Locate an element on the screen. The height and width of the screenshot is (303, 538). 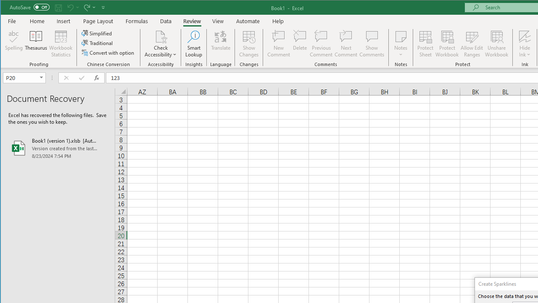
'Previous Comment' is located at coordinates (321, 44).